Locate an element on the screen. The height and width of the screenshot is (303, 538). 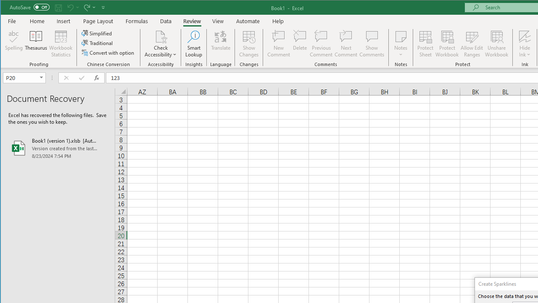
'Previous Comment' is located at coordinates (321, 44).